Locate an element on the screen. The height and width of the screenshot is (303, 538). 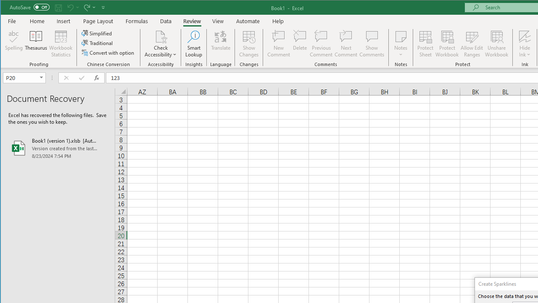
'Previous Comment' is located at coordinates (321, 44).